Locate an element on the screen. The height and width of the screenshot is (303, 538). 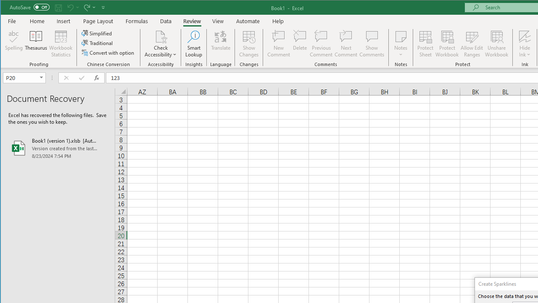
'Previous Comment' is located at coordinates (321, 44).